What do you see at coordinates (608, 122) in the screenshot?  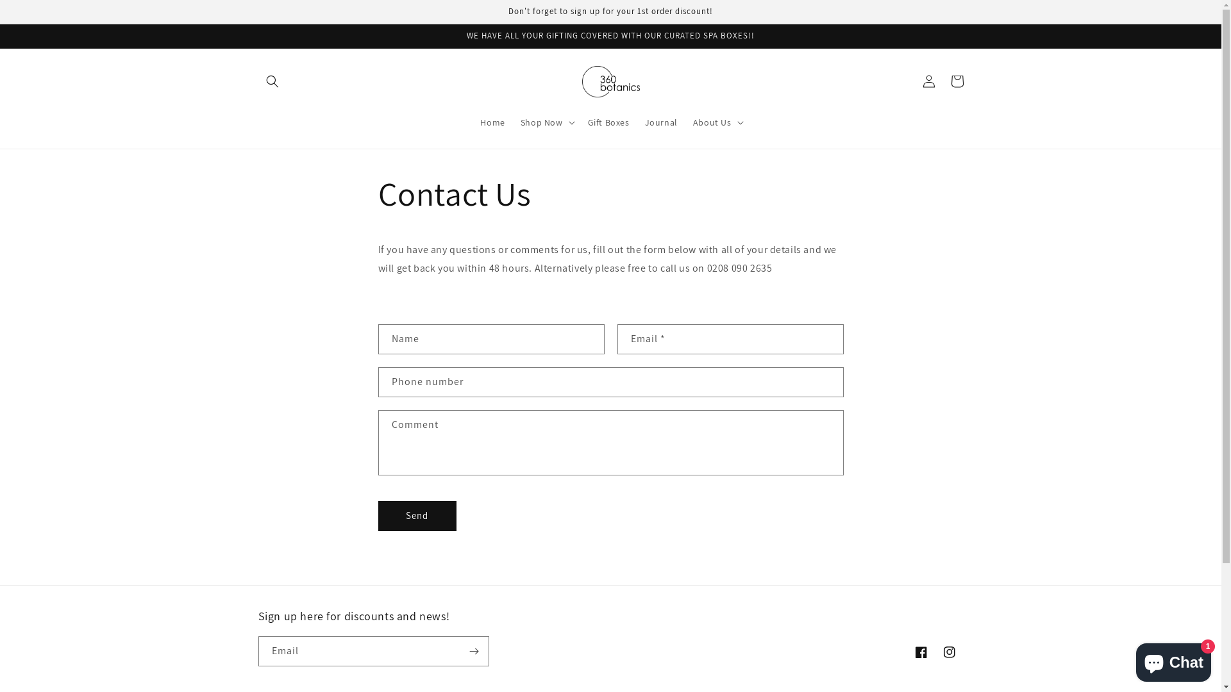 I see `'Gift Boxes'` at bounding box center [608, 122].